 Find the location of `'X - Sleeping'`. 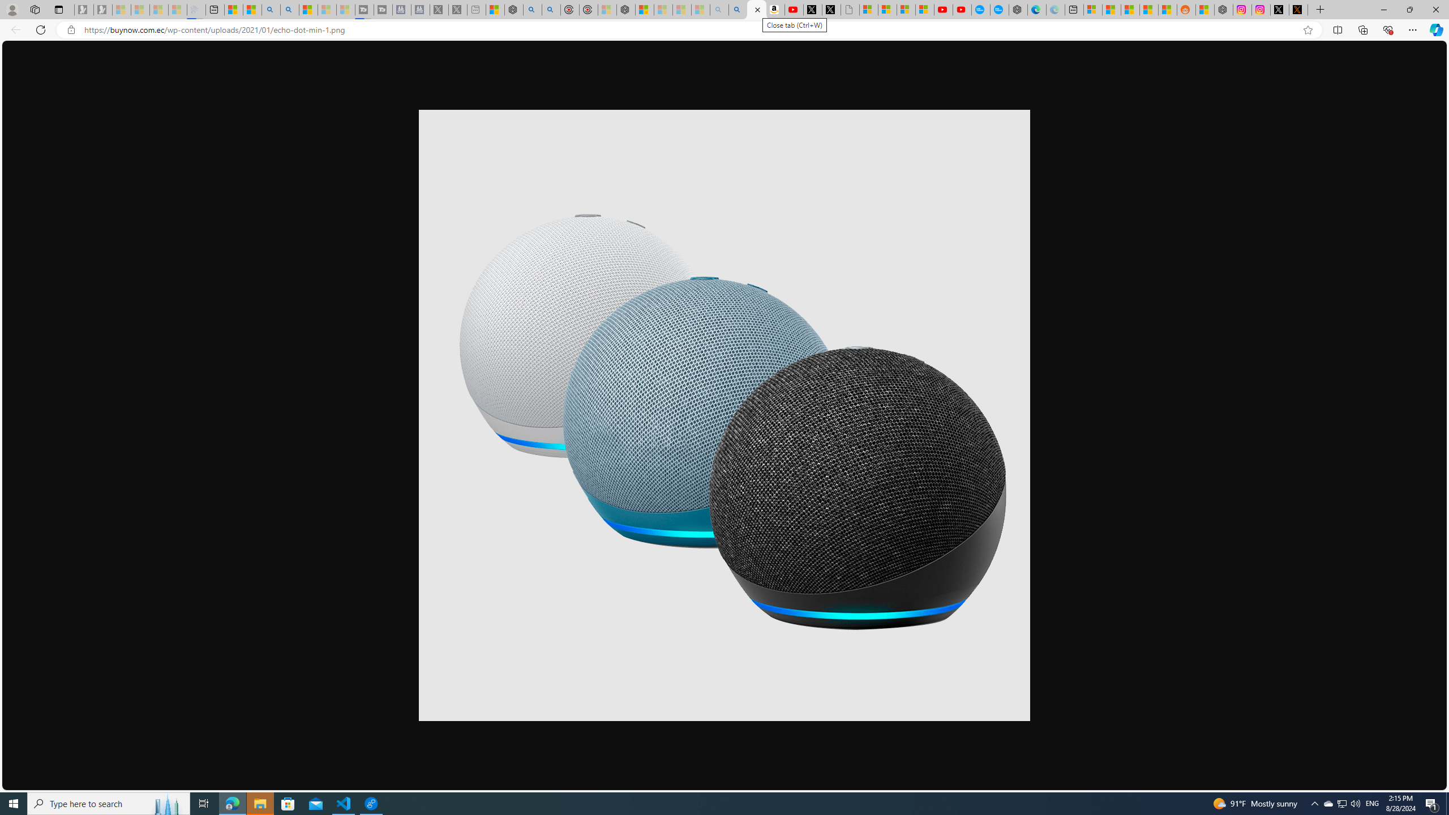

'X - Sleeping' is located at coordinates (457, 9).